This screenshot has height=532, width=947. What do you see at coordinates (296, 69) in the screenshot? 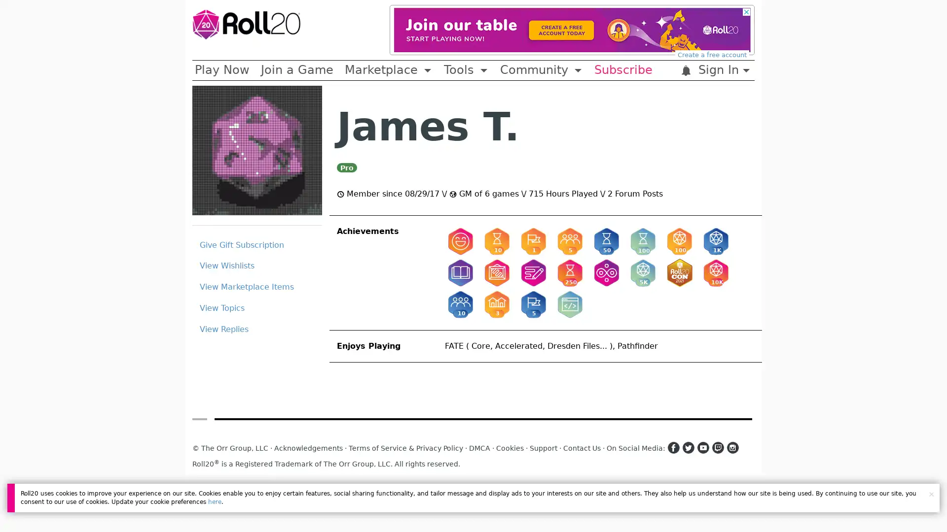
I see `Join a Game` at bounding box center [296, 69].